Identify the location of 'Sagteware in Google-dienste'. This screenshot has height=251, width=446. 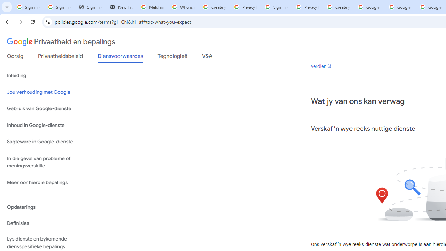
(53, 142).